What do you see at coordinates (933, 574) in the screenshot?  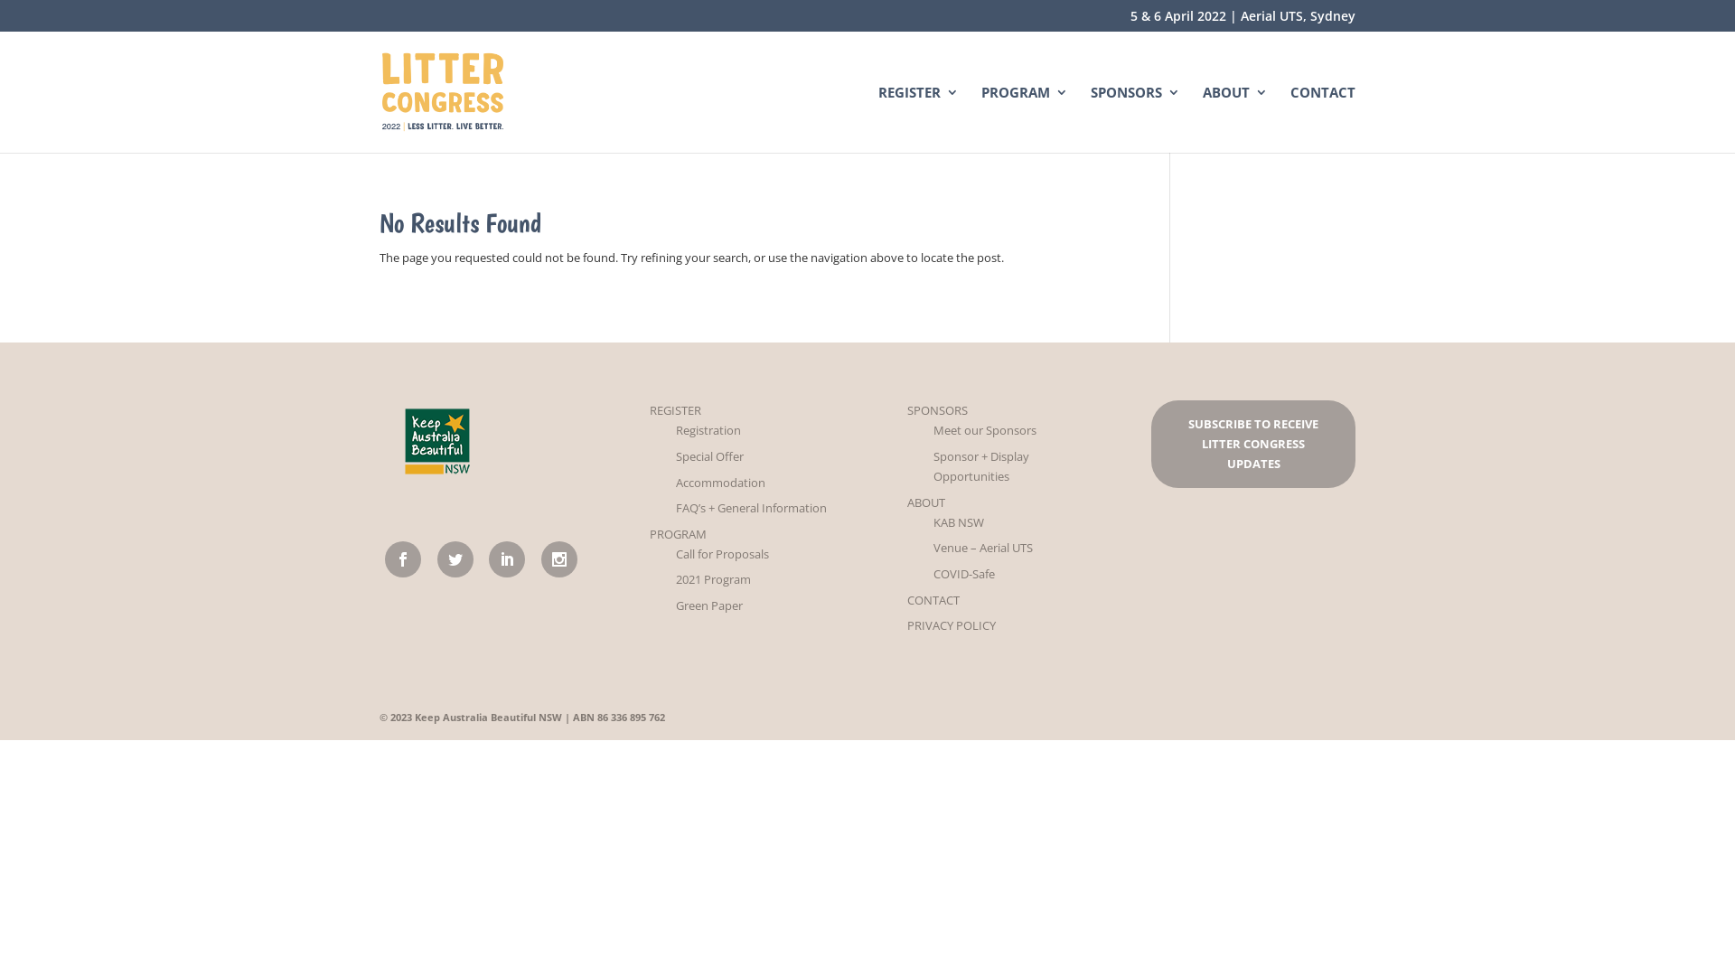 I see `'COVID-Safe'` at bounding box center [933, 574].